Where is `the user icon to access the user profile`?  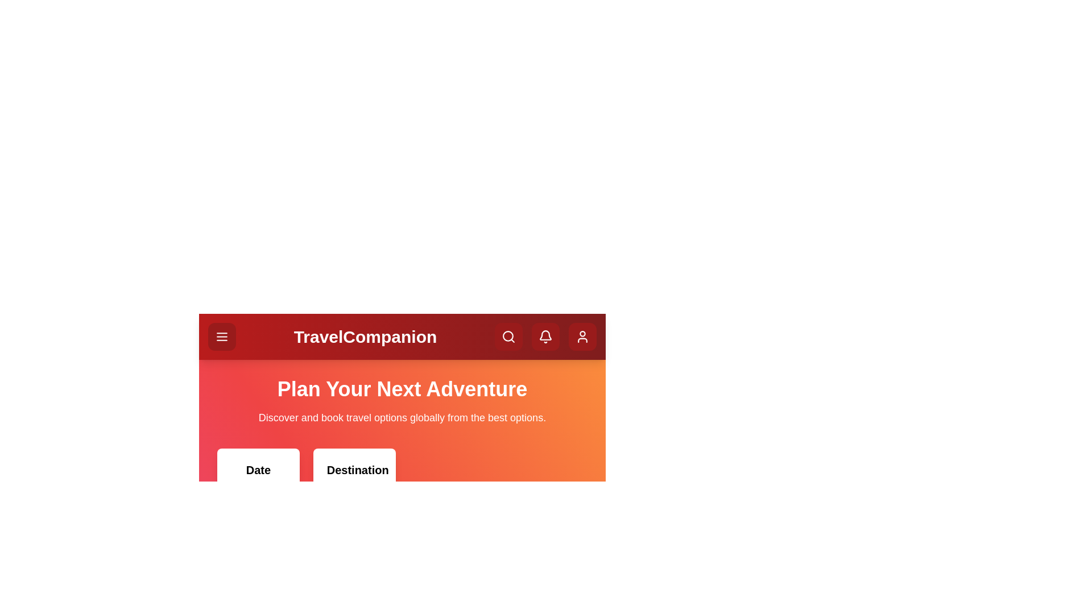
the user icon to access the user profile is located at coordinates (582, 336).